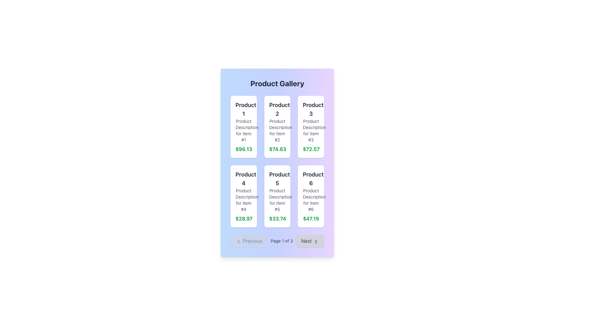 The height and width of the screenshot is (335, 595). I want to click on the button located in the bottom left of the horizontal control group, so click(249, 240).